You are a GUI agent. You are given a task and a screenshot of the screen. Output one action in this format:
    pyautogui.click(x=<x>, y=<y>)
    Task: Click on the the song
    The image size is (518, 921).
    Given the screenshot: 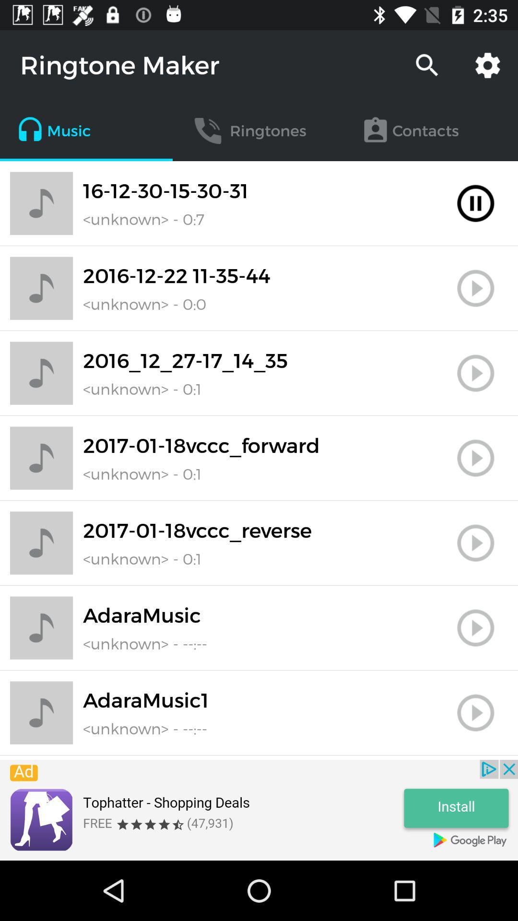 What is the action you would take?
    pyautogui.click(x=475, y=628)
    